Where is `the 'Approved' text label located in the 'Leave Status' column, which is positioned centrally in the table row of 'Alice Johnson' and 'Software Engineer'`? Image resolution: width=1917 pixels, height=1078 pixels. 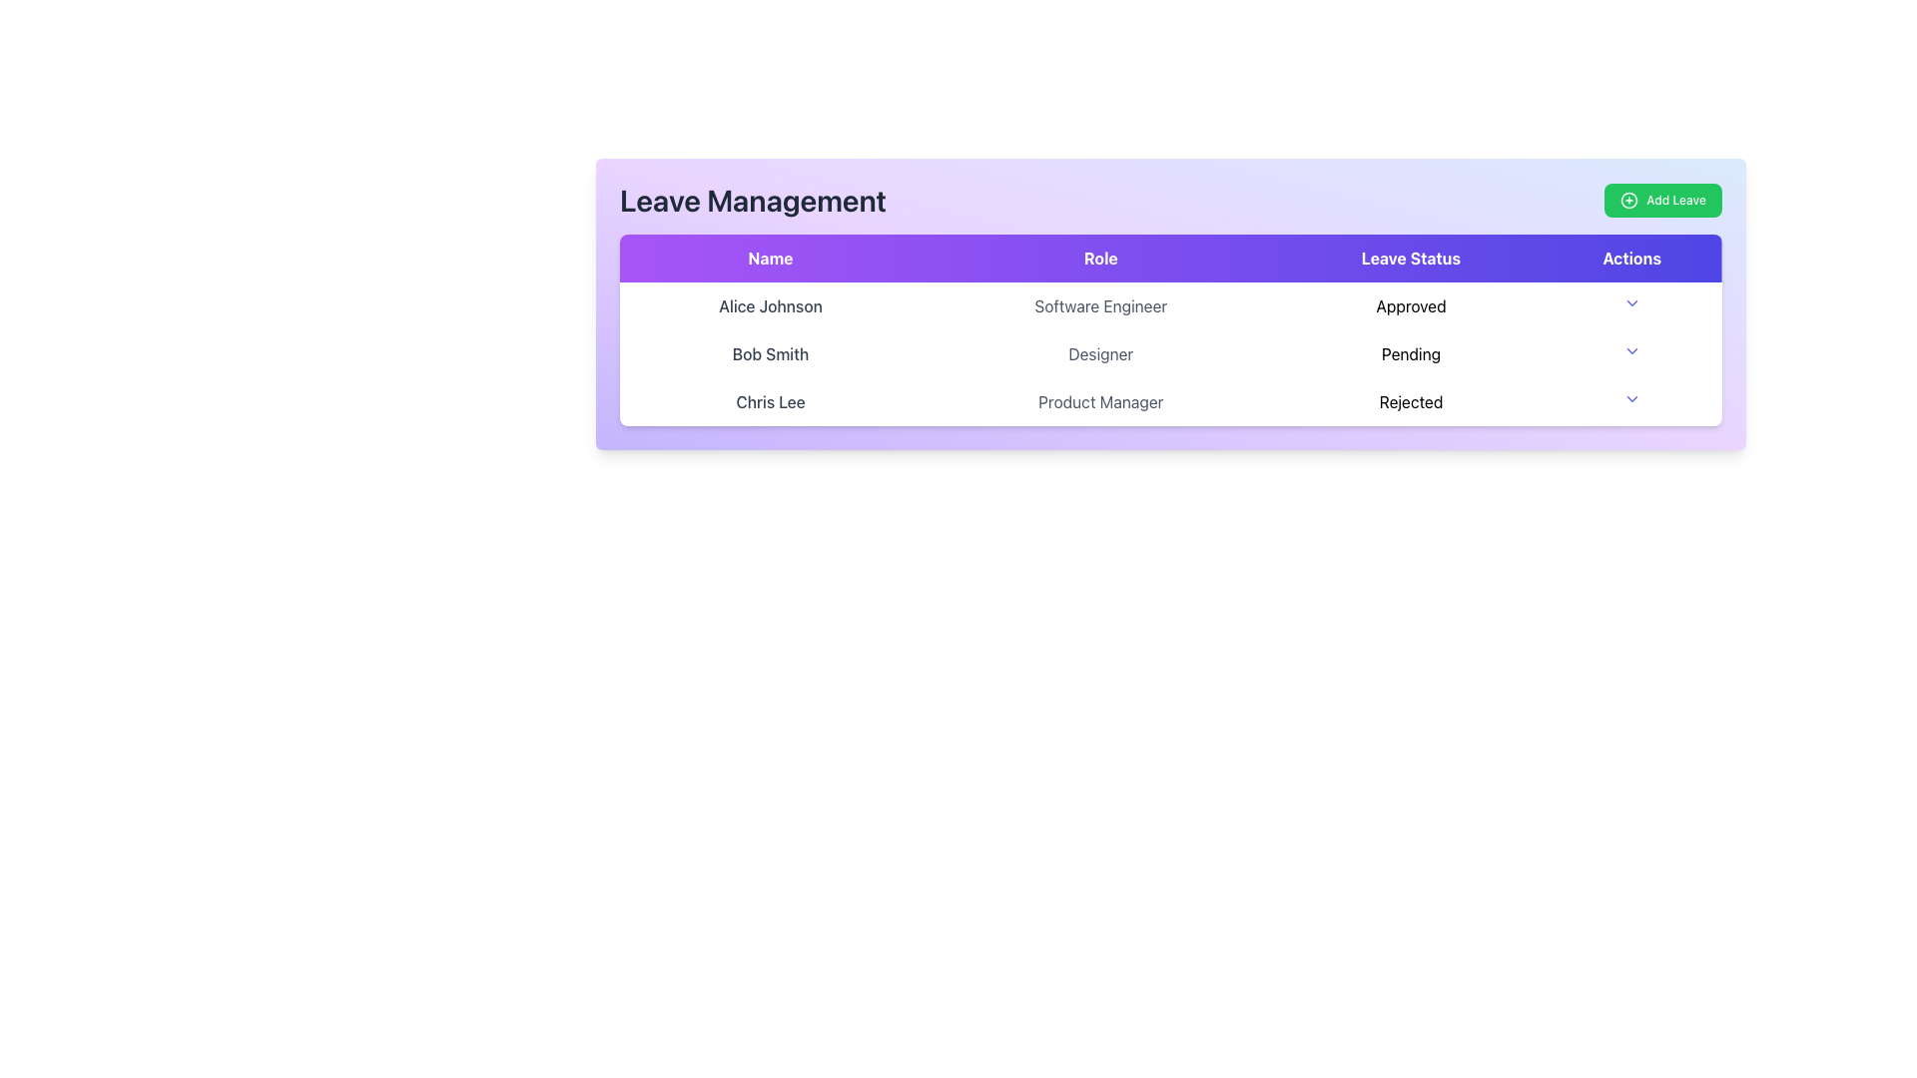
the 'Approved' text label located in the 'Leave Status' column, which is positioned centrally in the table row of 'Alice Johnson' and 'Software Engineer' is located at coordinates (1410, 306).